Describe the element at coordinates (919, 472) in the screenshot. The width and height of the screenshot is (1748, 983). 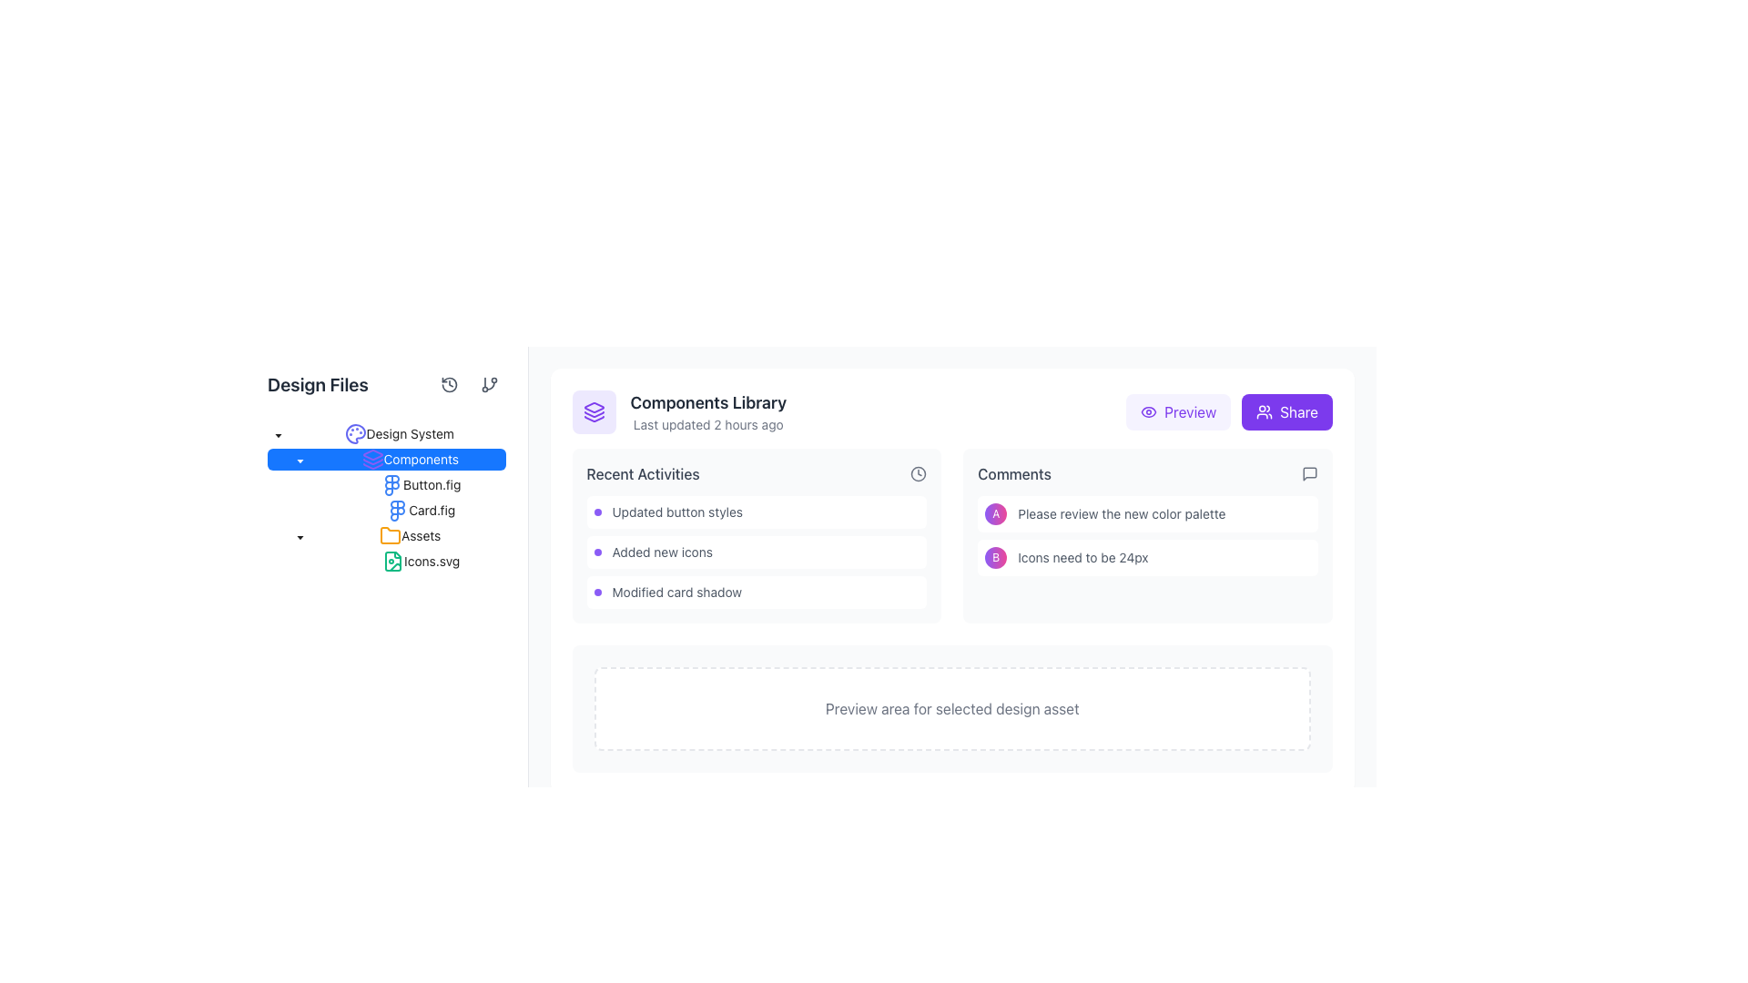
I see `decorative vector graphic component within the SVG element that represents the clock icon in the 'Recent Activities' section by using developer tools` at that location.